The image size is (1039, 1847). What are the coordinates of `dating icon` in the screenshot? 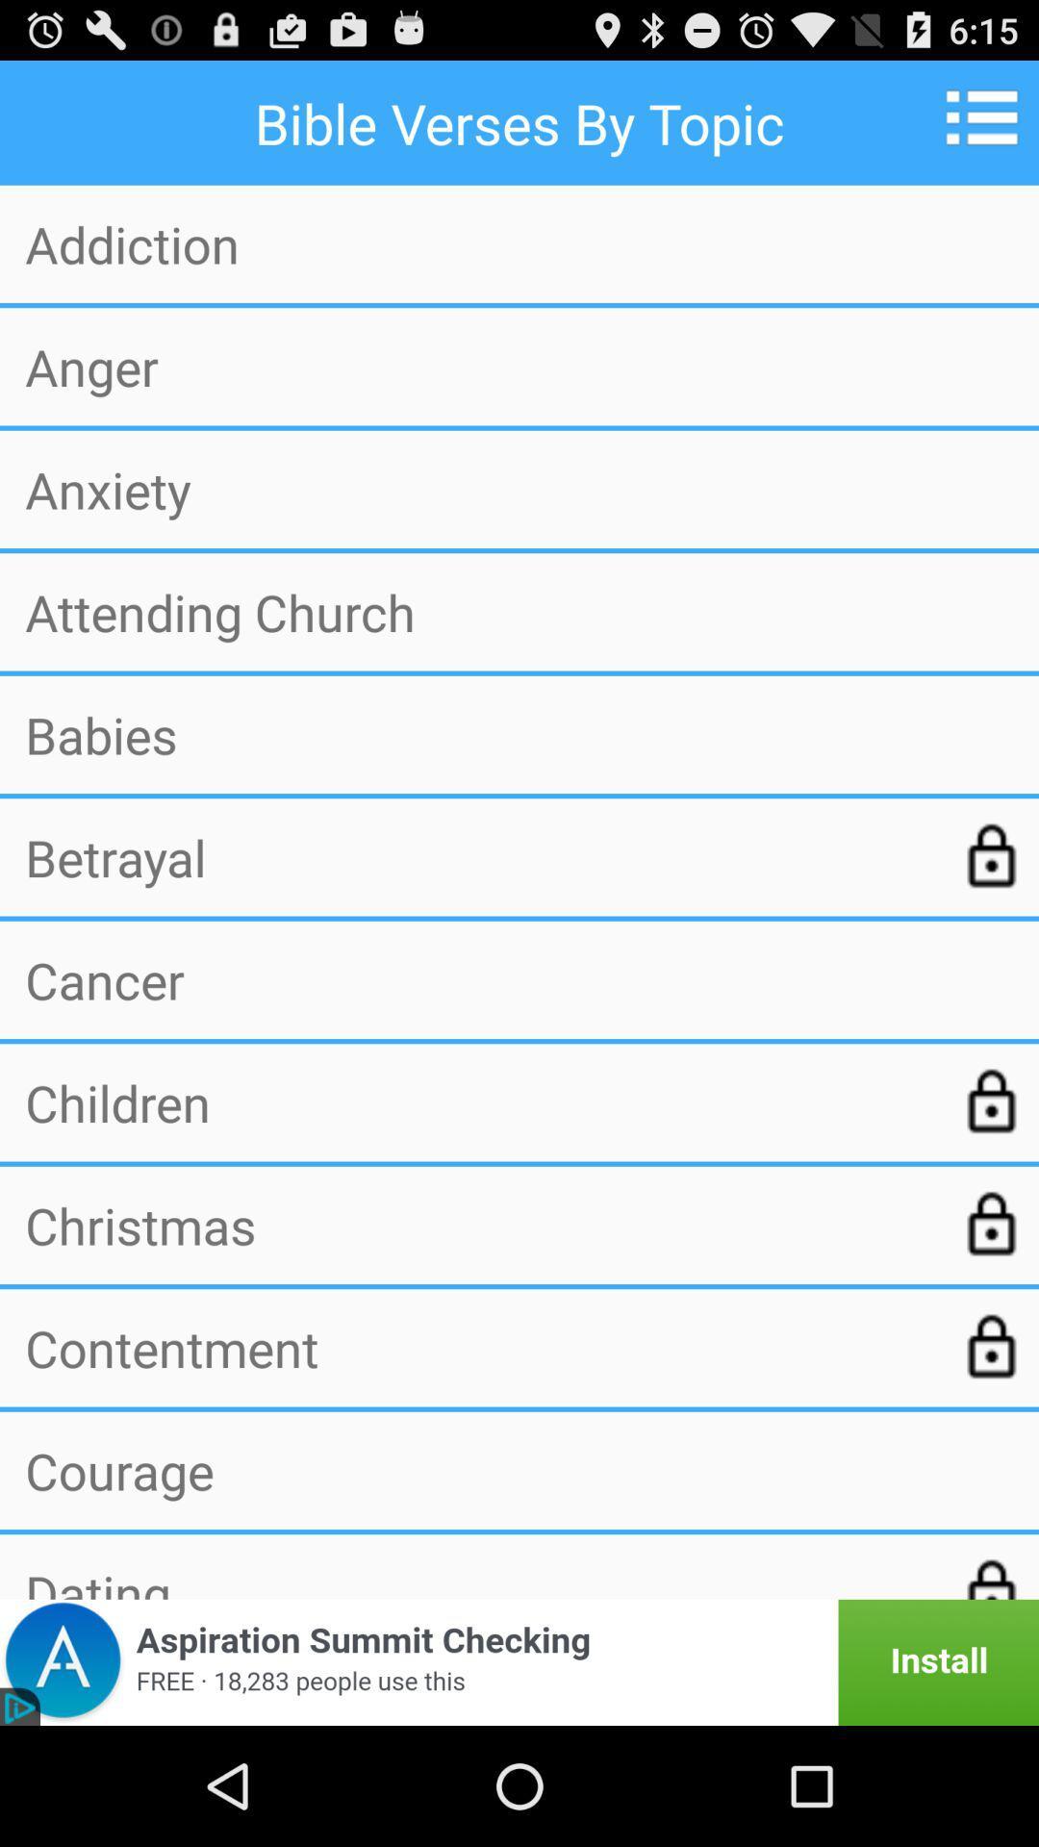 It's located at (477, 1580).